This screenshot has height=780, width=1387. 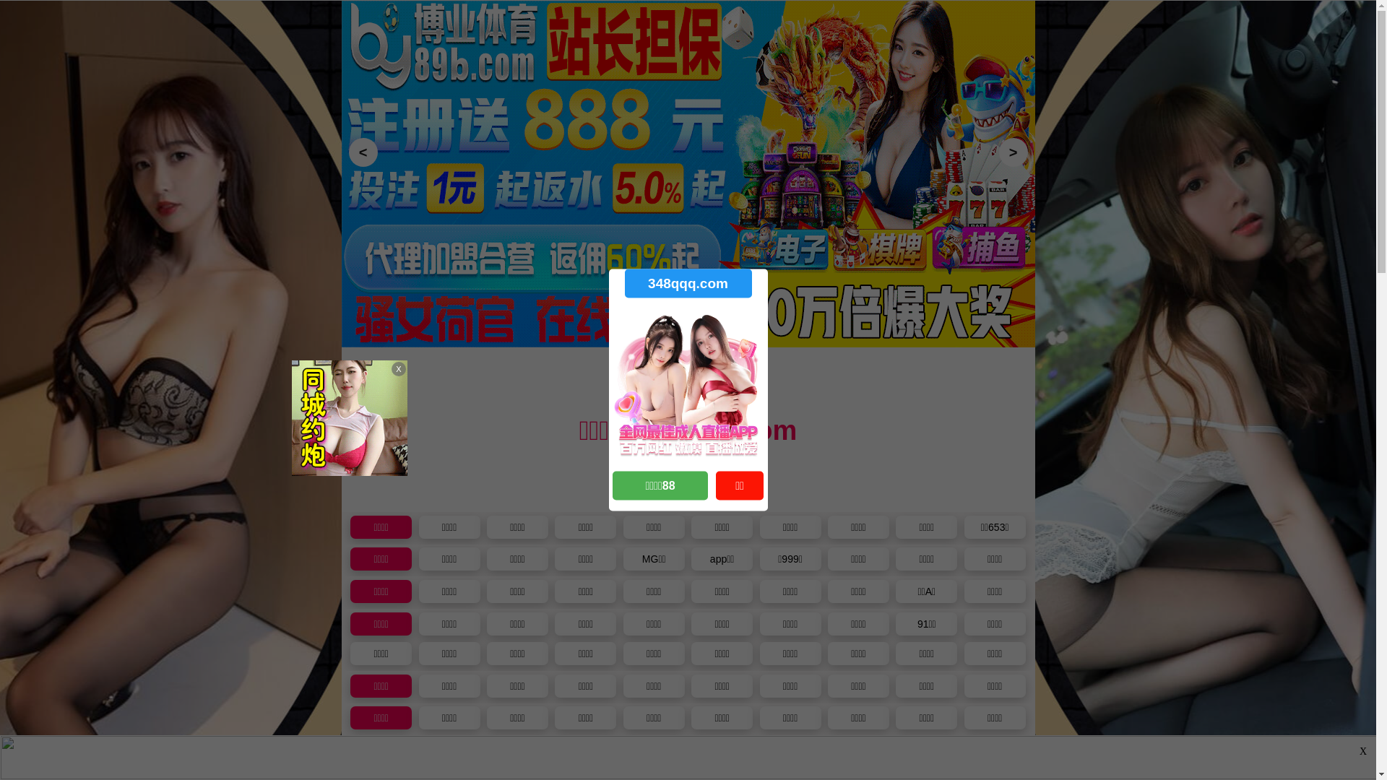 What do you see at coordinates (347, 152) in the screenshot?
I see `'<'` at bounding box center [347, 152].